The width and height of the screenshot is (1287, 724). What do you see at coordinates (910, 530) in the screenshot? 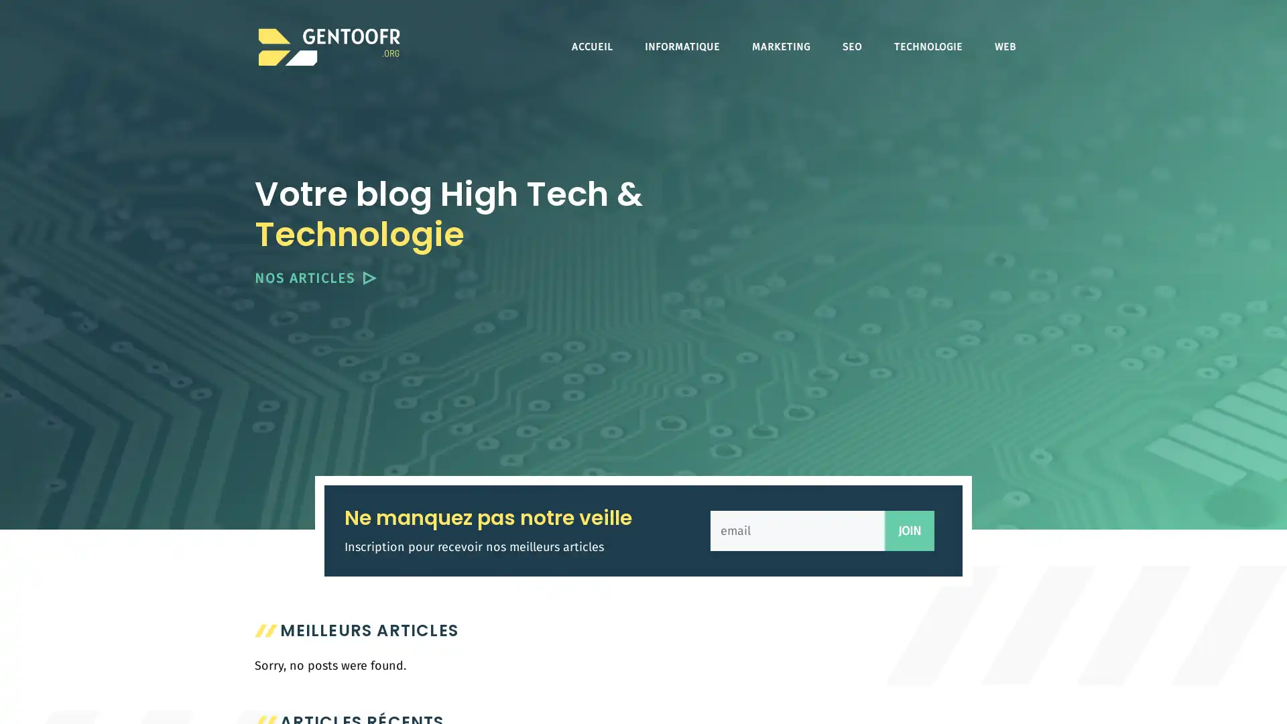
I see `JOIN` at bounding box center [910, 530].